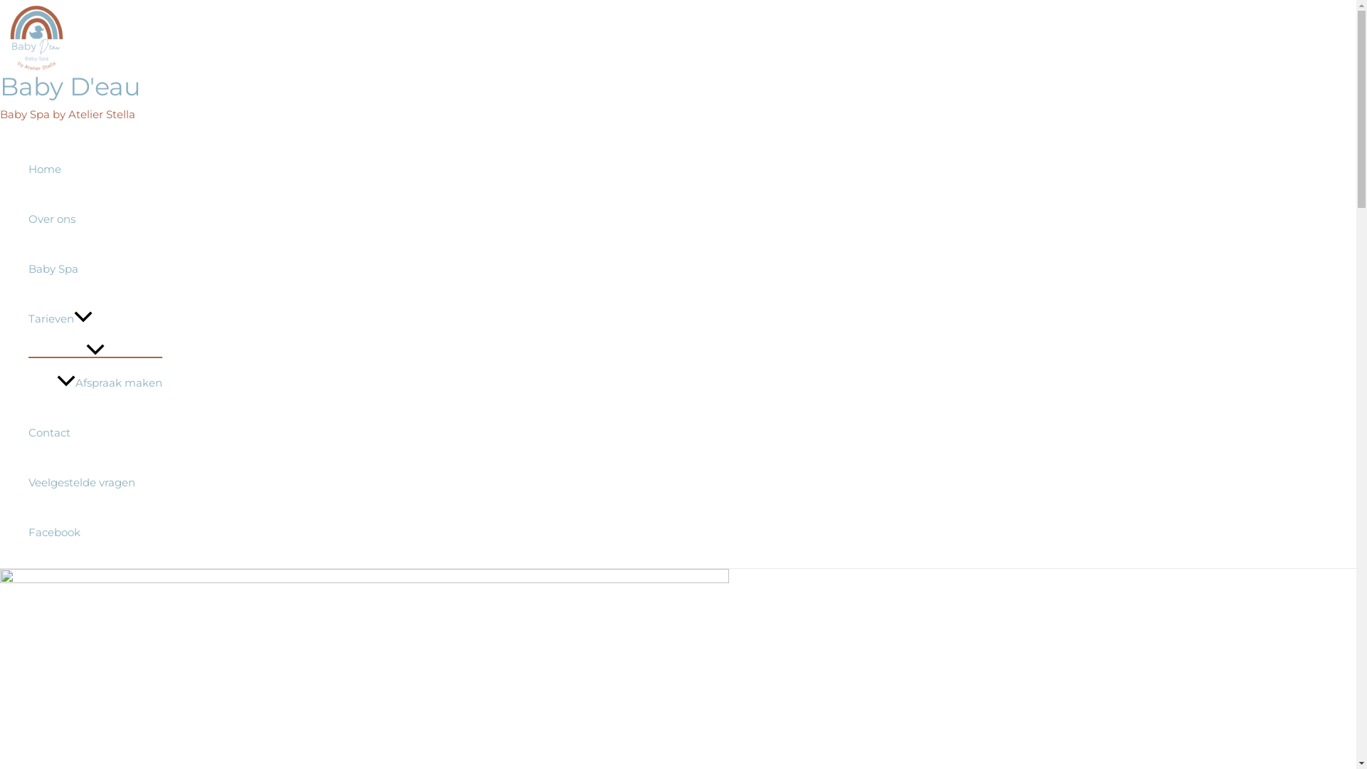 The image size is (1367, 769). What do you see at coordinates (95, 269) in the screenshot?
I see `'Baby Spa'` at bounding box center [95, 269].